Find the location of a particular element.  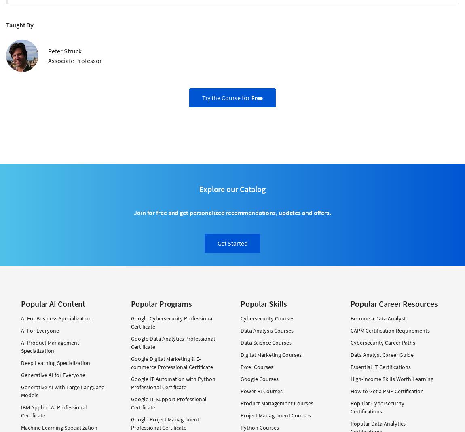

'AI For Business Specialization' is located at coordinates (56, 318).